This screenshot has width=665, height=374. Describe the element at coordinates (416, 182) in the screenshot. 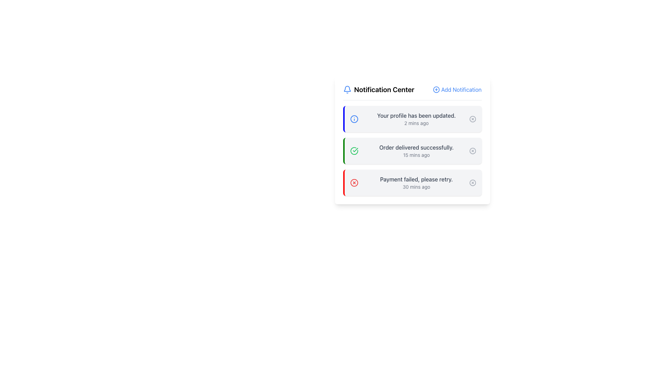

I see `textual notification message that says 'Payment failed, please retry.' with the timestamp '30 mins ago', located in the last notification card under 'Notification Center'` at that location.